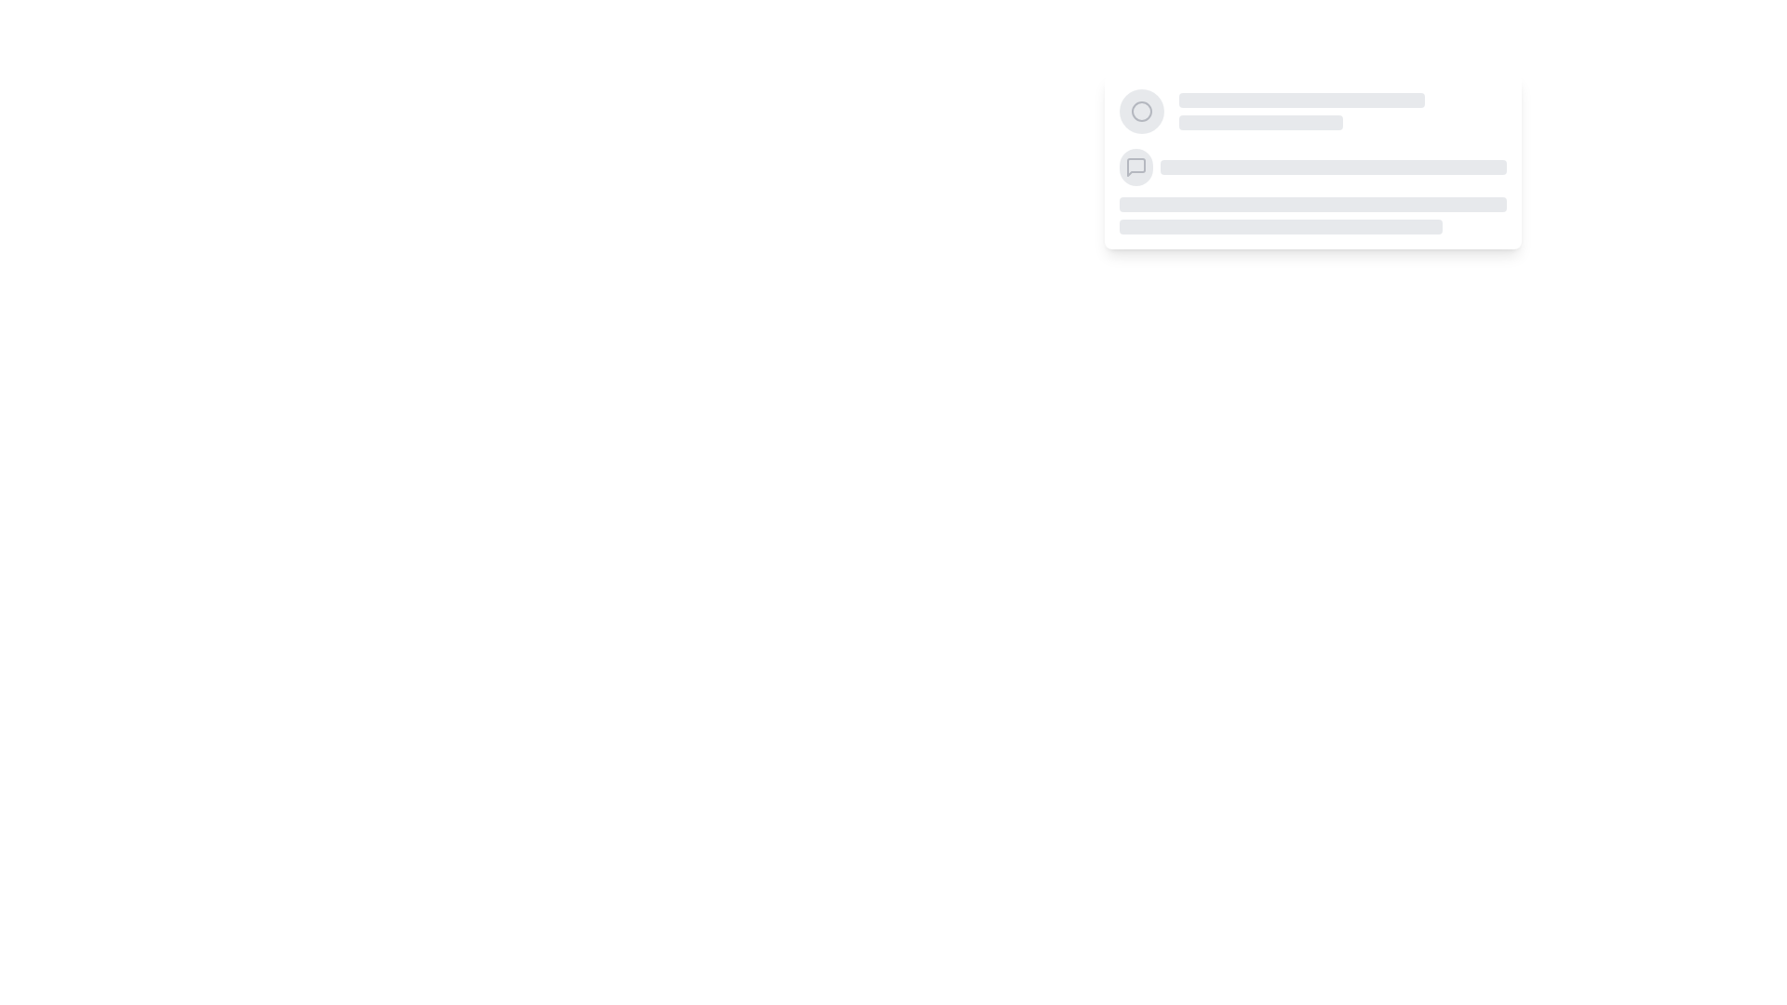  Describe the element at coordinates (1134, 167) in the screenshot. I see `the speech bubble icon located in the upper-right portion of the card-like interface` at that location.